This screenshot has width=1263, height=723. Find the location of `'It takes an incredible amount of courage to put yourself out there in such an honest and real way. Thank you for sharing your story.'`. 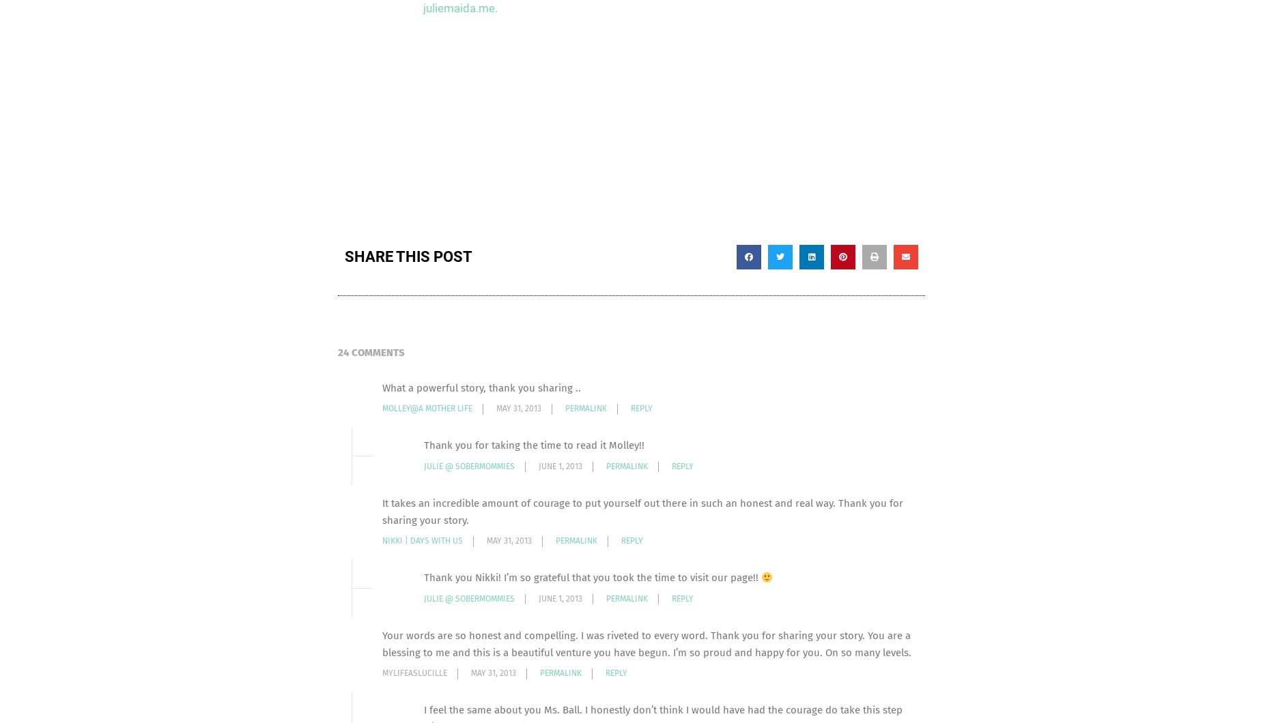

'It takes an incredible amount of courage to put yourself out there in such an honest and real way. Thank you for sharing your story.' is located at coordinates (642, 510).